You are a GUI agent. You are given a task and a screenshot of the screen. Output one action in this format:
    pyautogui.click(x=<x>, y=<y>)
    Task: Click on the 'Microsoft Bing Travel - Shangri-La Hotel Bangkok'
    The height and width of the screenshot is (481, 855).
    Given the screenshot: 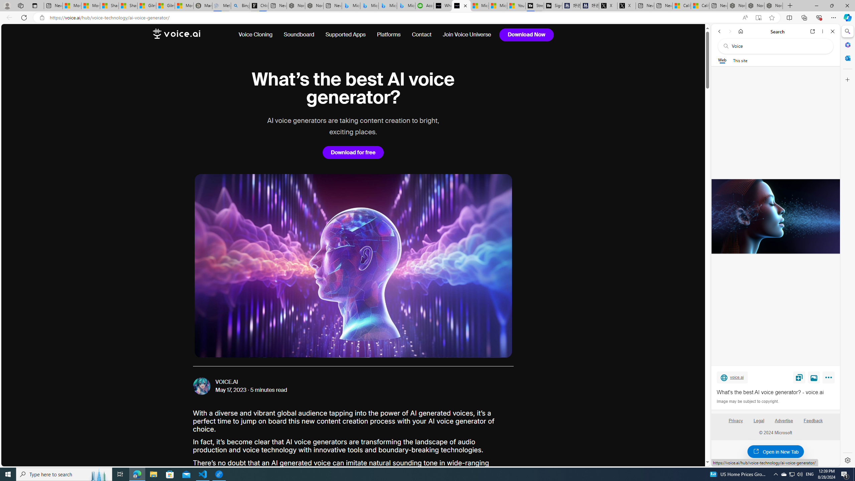 What is the action you would take?
    pyautogui.click(x=406, y=5)
    